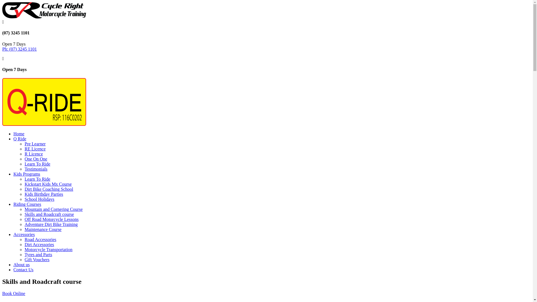  I want to click on 'Mountain and Cornering Course', so click(54, 209).